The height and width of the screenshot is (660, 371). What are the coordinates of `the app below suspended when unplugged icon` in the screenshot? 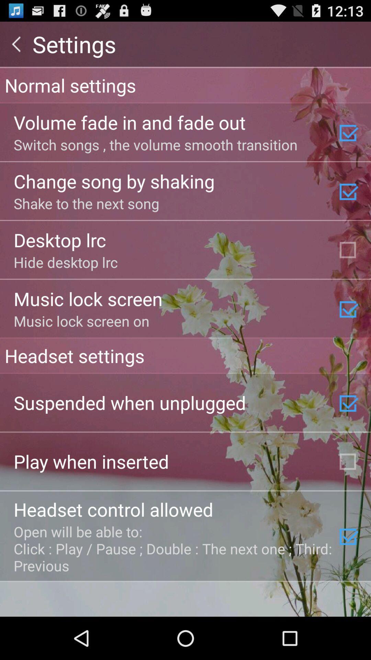 It's located at (91, 461).